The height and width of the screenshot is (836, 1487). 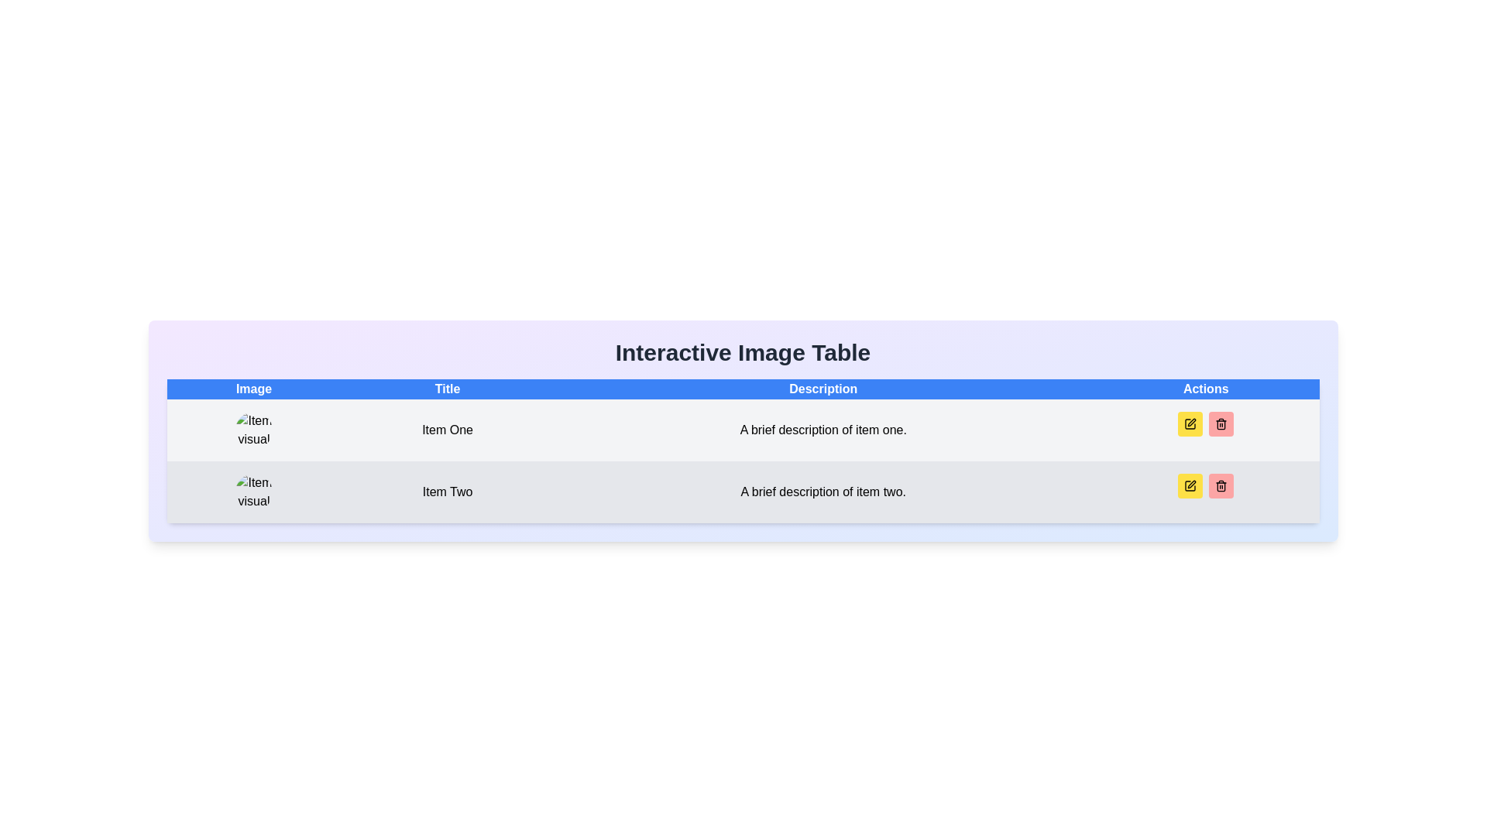 What do you see at coordinates (1190, 485) in the screenshot?
I see `the Icon button with a pen inside a square shape, located in the second row of the 'Actions' column` at bounding box center [1190, 485].